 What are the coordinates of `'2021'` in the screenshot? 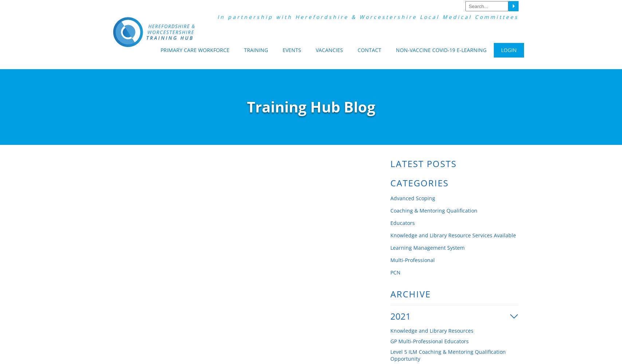 It's located at (400, 316).